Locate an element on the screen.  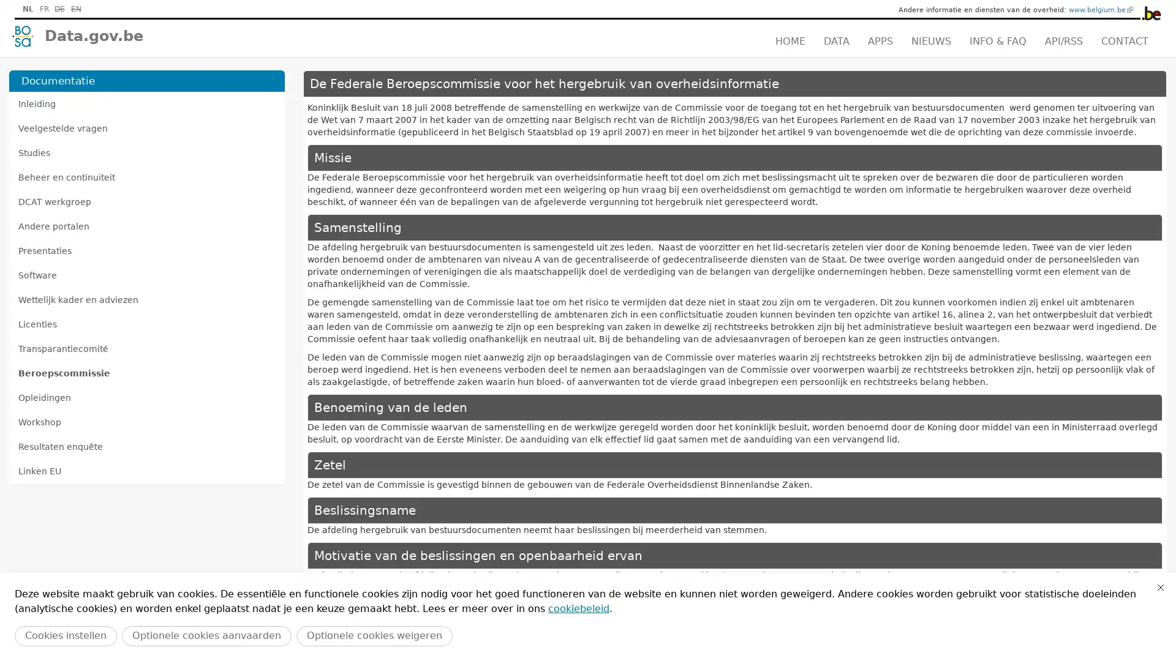
Optionele cookies aanvaarden is located at coordinates (206, 635).